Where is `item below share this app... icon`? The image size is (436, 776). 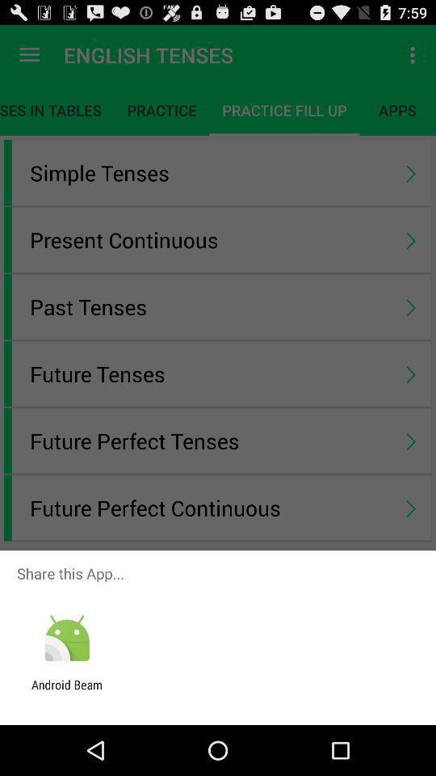
item below share this app... icon is located at coordinates (66, 639).